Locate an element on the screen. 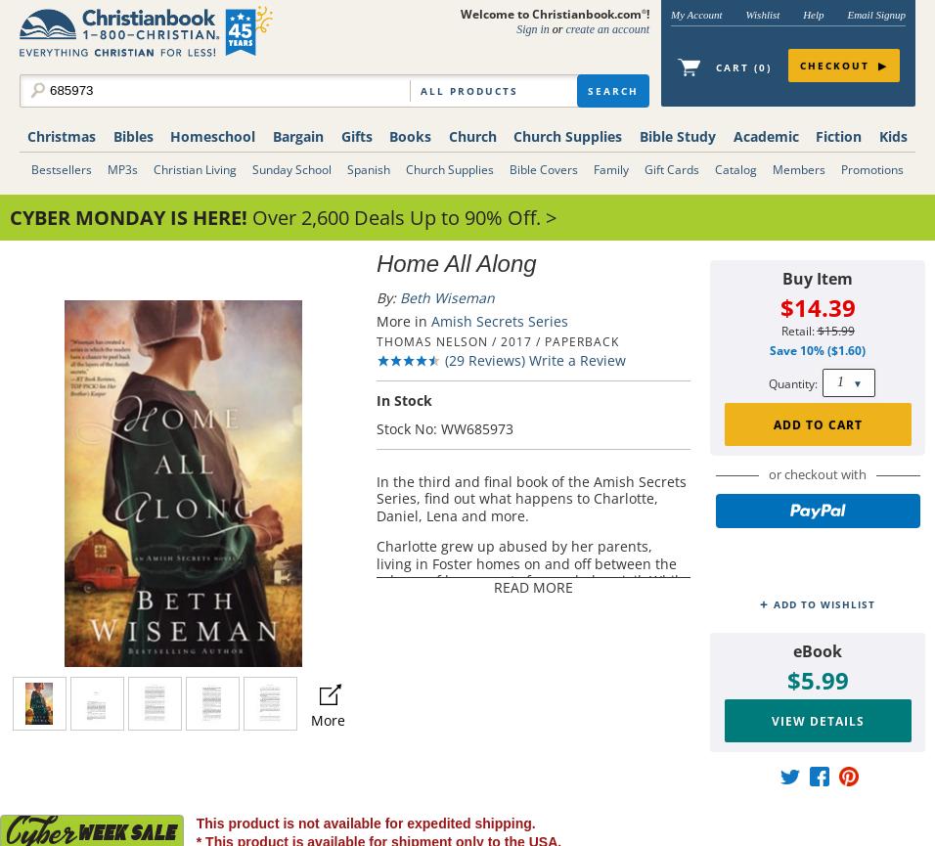 The height and width of the screenshot is (846, 935). 'Bibles' is located at coordinates (132, 136).